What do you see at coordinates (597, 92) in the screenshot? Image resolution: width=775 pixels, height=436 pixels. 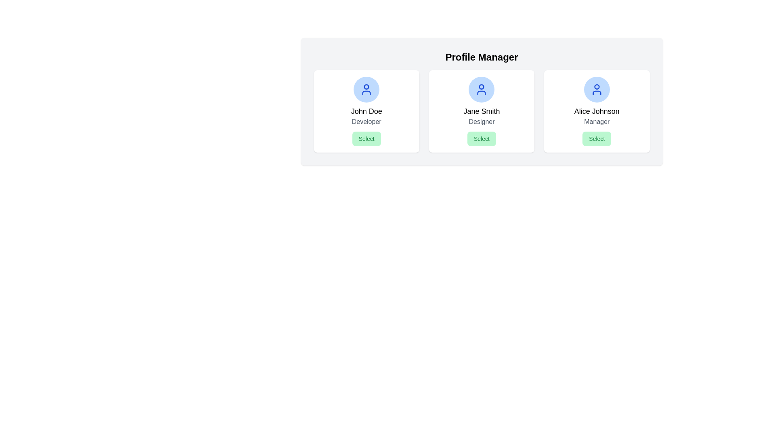 I see `the blue-colored user icon representing the avatar of 'Alice Johnson Manager' in the third card under the 'Profile Manager' section` at bounding box center [597, 92].